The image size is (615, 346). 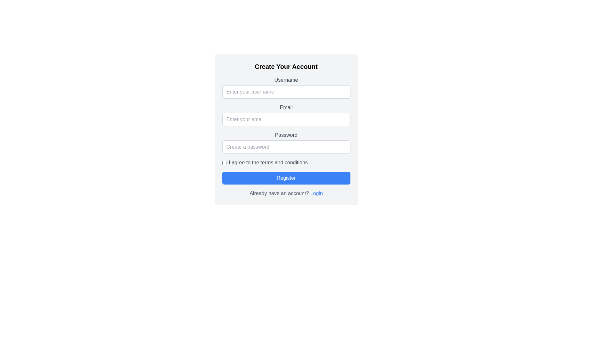 I want to click on the password input field, which is the third input field in the vertical stack within the form, so click(x=286, y=142).